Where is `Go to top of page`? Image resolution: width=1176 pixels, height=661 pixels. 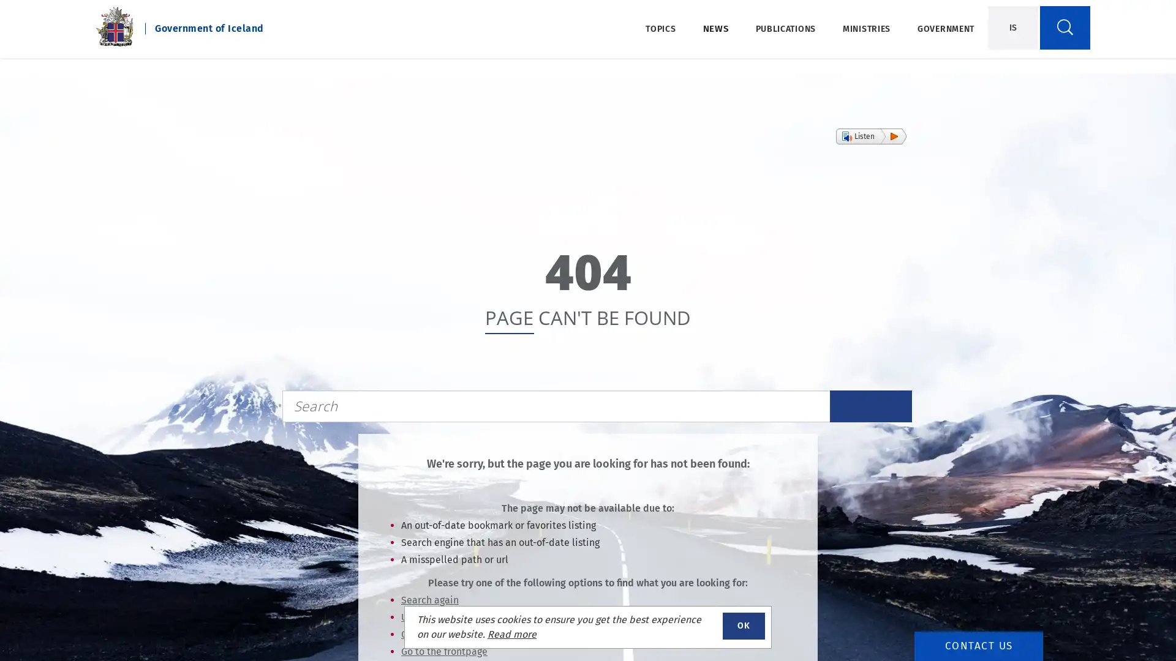 Go to top of page is located at coordinates (1129, 621).